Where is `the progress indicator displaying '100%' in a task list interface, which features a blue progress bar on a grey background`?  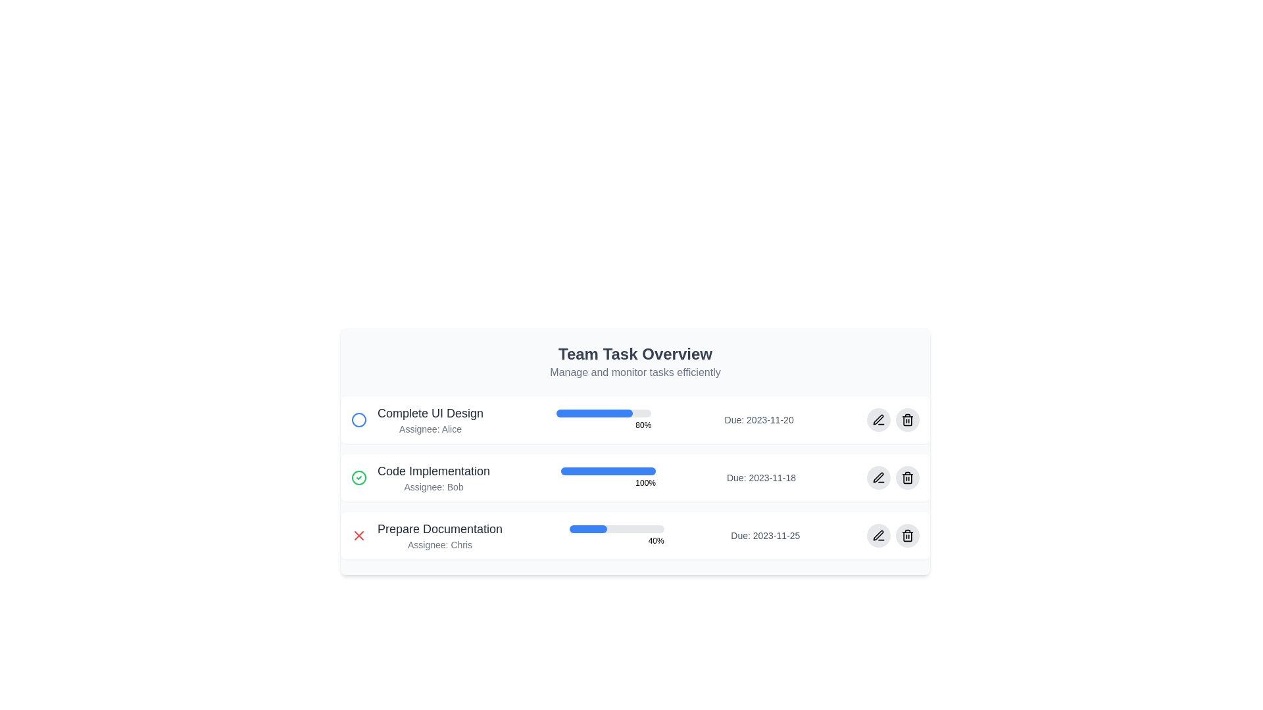 the progress indicator displaying '100%' in a task list interface, which features a blue progress bar on a grey background is located at coordinates (608, 477).